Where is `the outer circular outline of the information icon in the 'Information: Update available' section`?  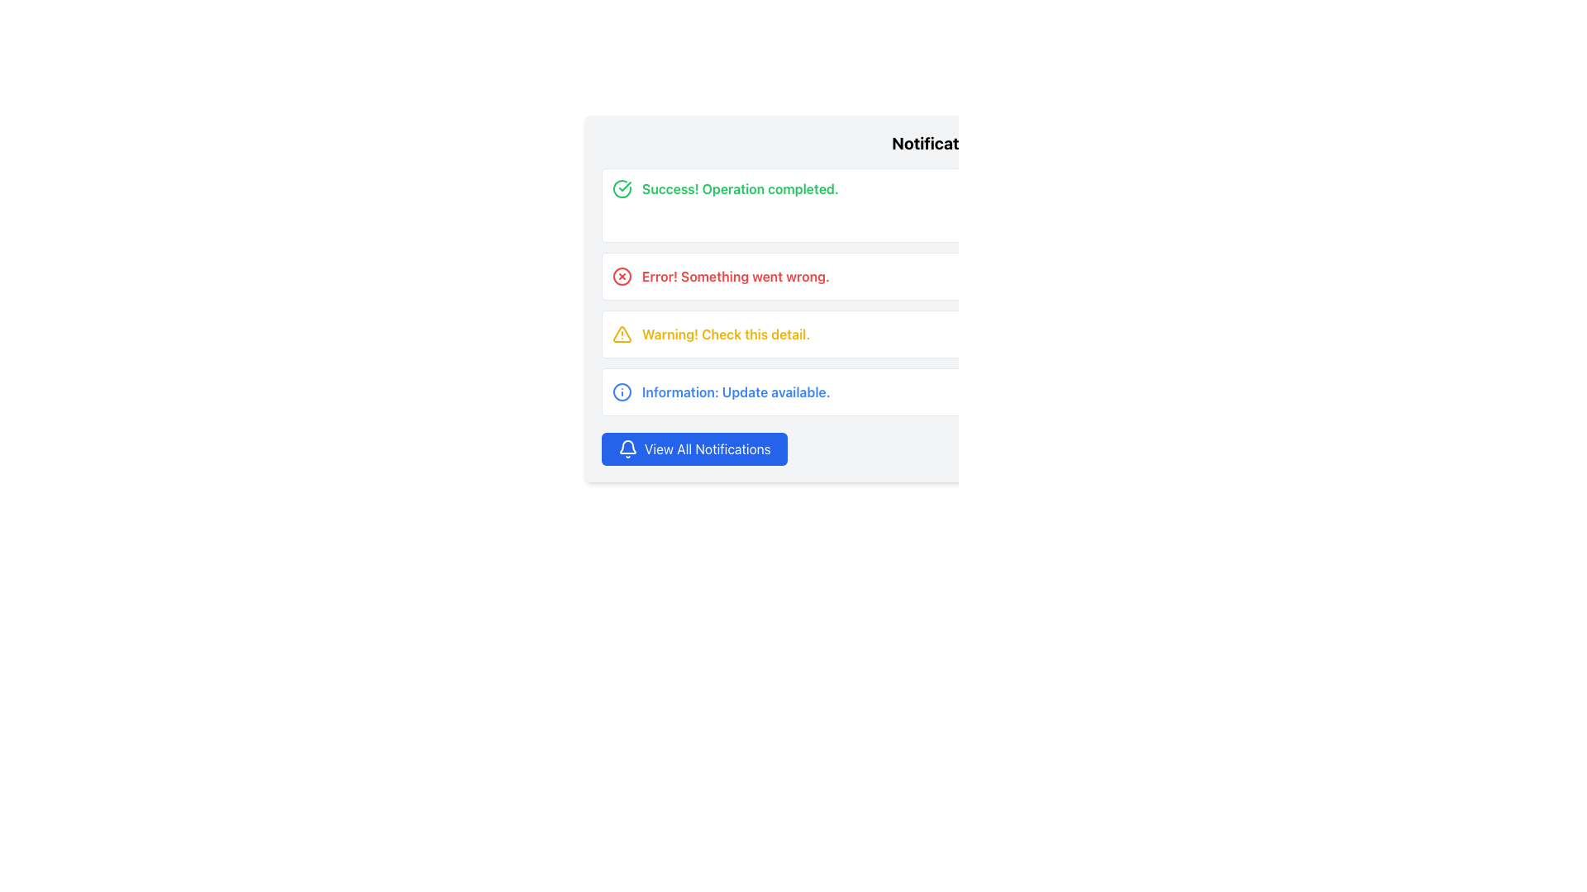 the outer circular outline of the information icon in the 'Information: Update available' section is located at coordinates (622, 391).